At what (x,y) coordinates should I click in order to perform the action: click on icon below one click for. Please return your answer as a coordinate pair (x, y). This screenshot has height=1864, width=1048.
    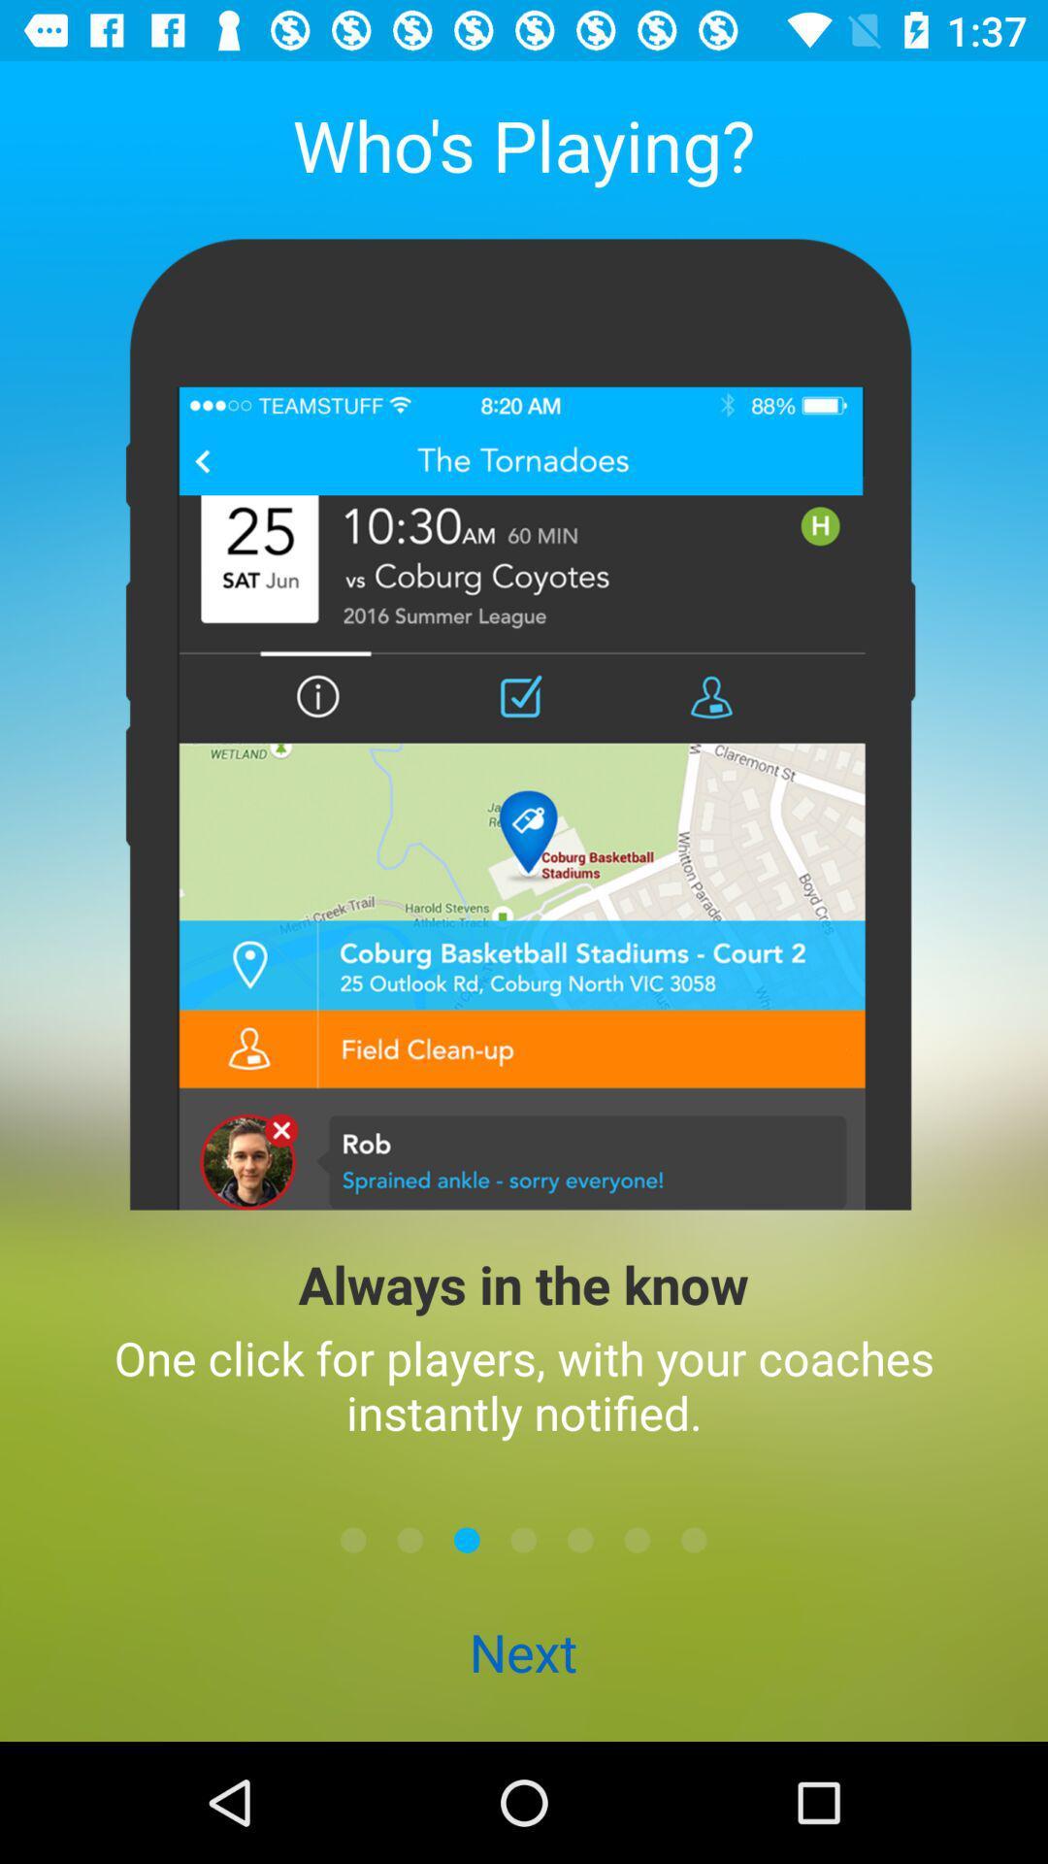
    Looking at the image, I should click on (524, 1539).